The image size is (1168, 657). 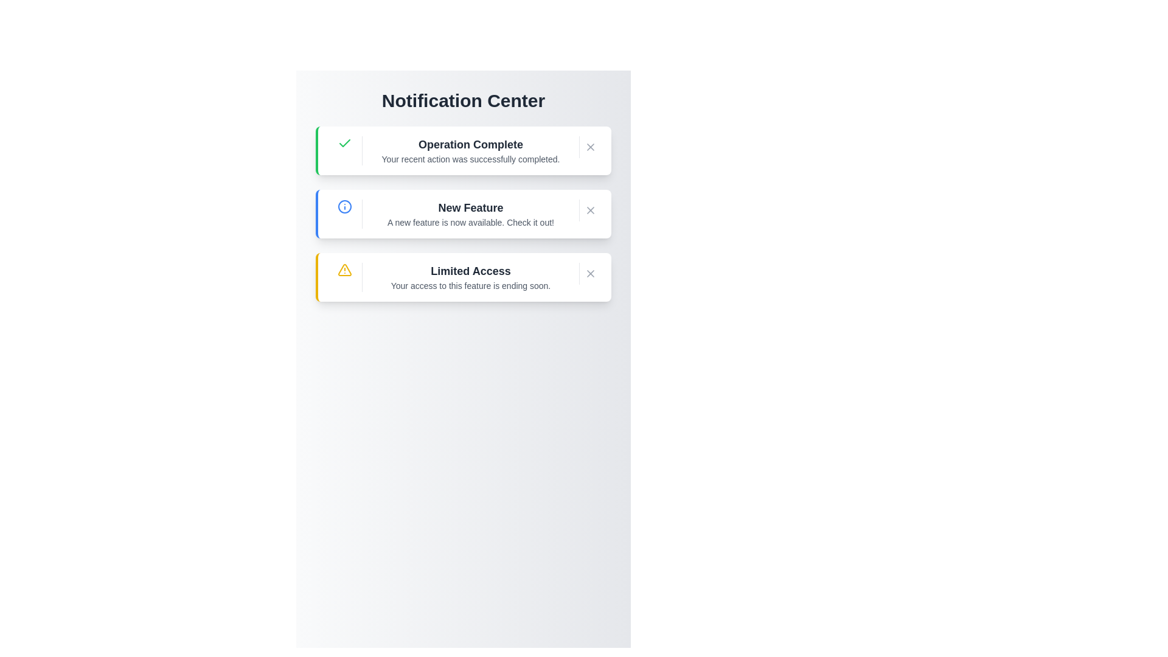 I want to click on the small 'X' icon button located on the right side of the 'New Feature' notification, so click(x=590, y=210).